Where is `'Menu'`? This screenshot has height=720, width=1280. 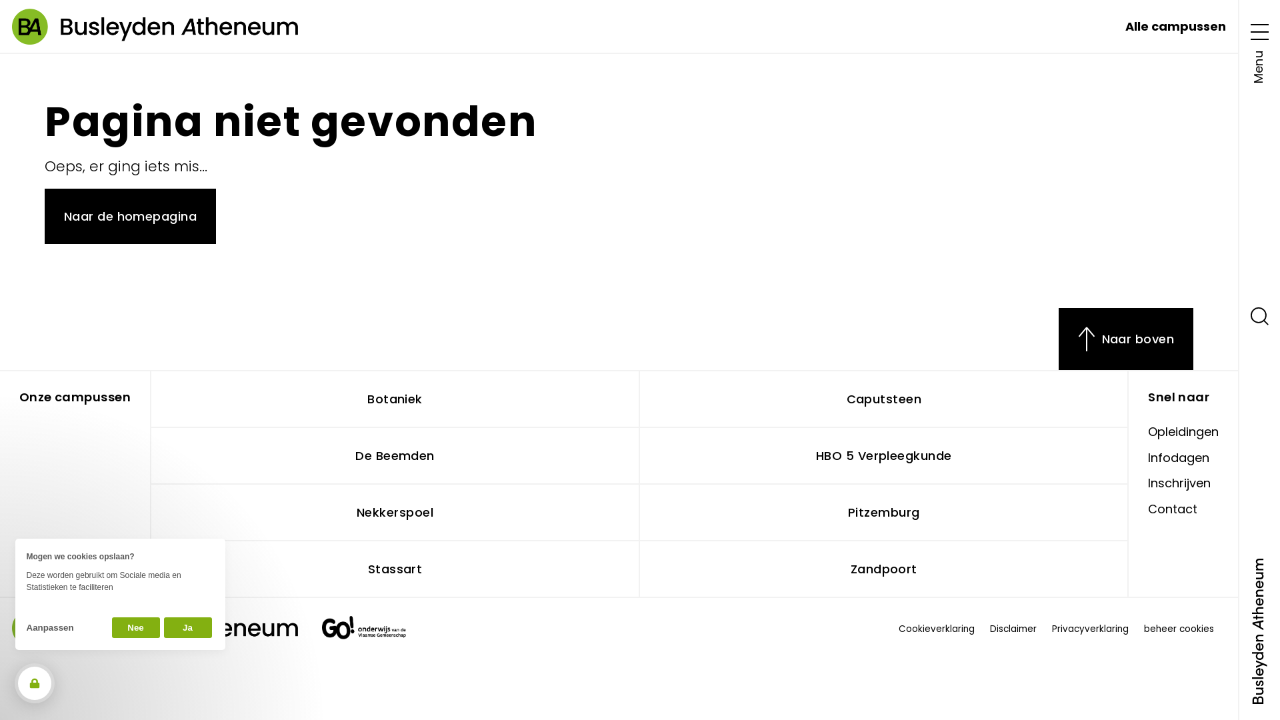
'Menu' is located at coordinates (1259, 49).